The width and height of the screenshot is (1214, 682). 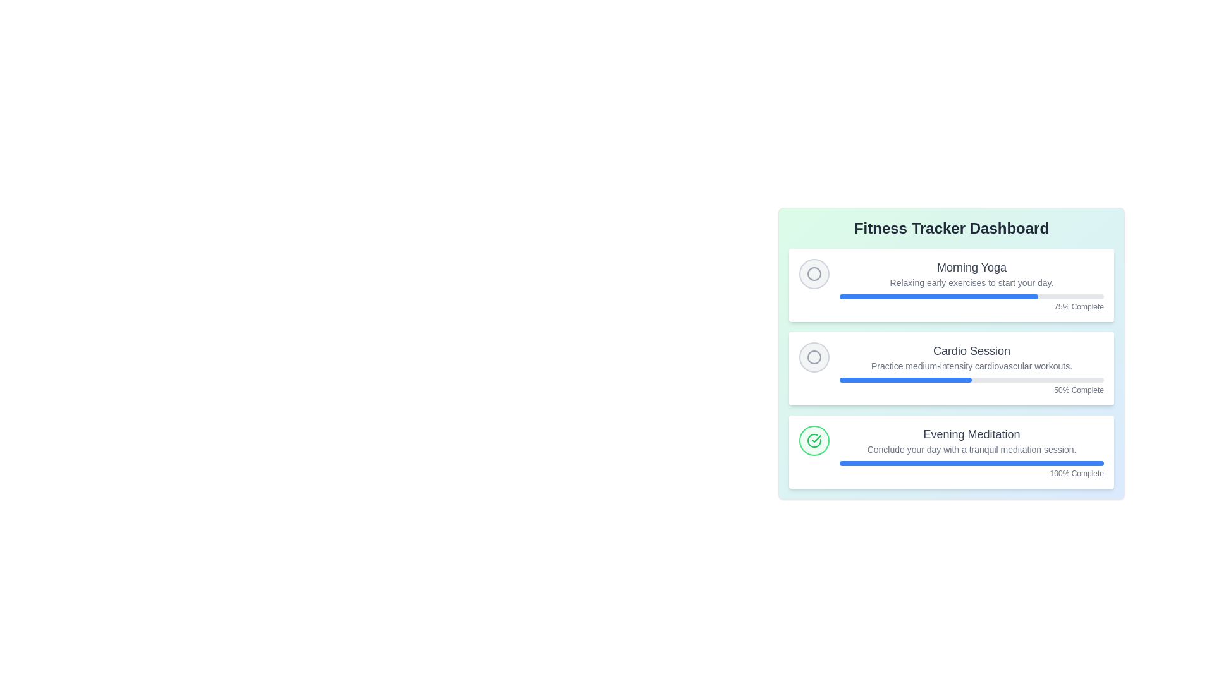 I want to click on the static text element reading 'Practice medium-intensity cardiovascular workouts.' located beneath the header 'Cardio Session' and above the progress bar in the Fitness Tracker Dashboard, so click(x=971, y=366).